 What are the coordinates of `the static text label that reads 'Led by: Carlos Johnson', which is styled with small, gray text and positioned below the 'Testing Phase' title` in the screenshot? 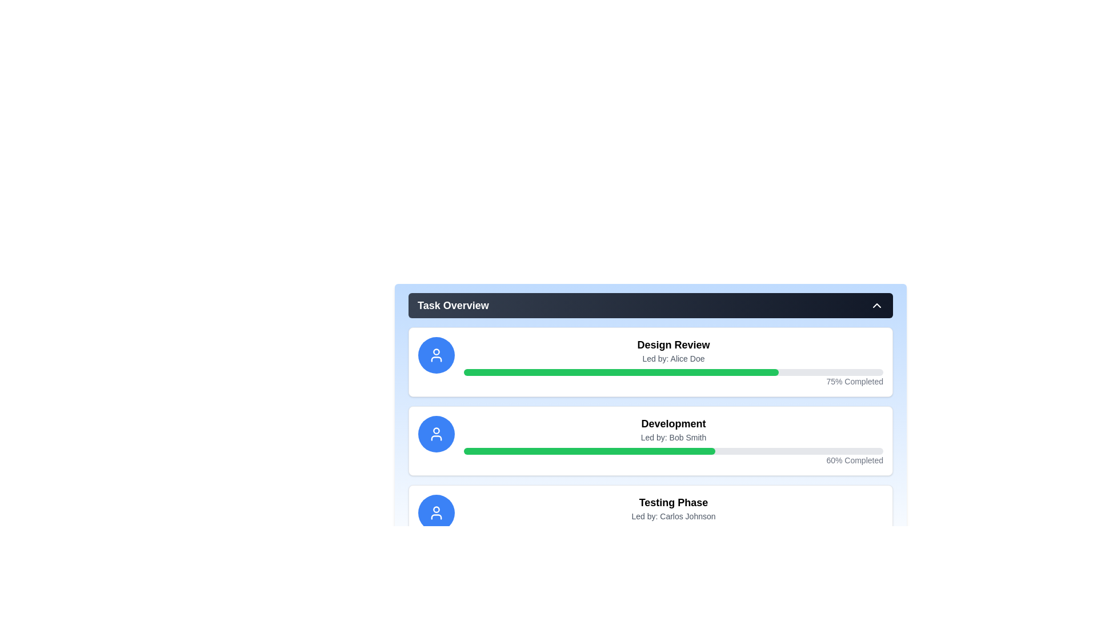 It's located at (674, 516).